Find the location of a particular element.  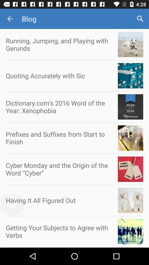

app to the left of blog icon is located at coordinates (10, 19).